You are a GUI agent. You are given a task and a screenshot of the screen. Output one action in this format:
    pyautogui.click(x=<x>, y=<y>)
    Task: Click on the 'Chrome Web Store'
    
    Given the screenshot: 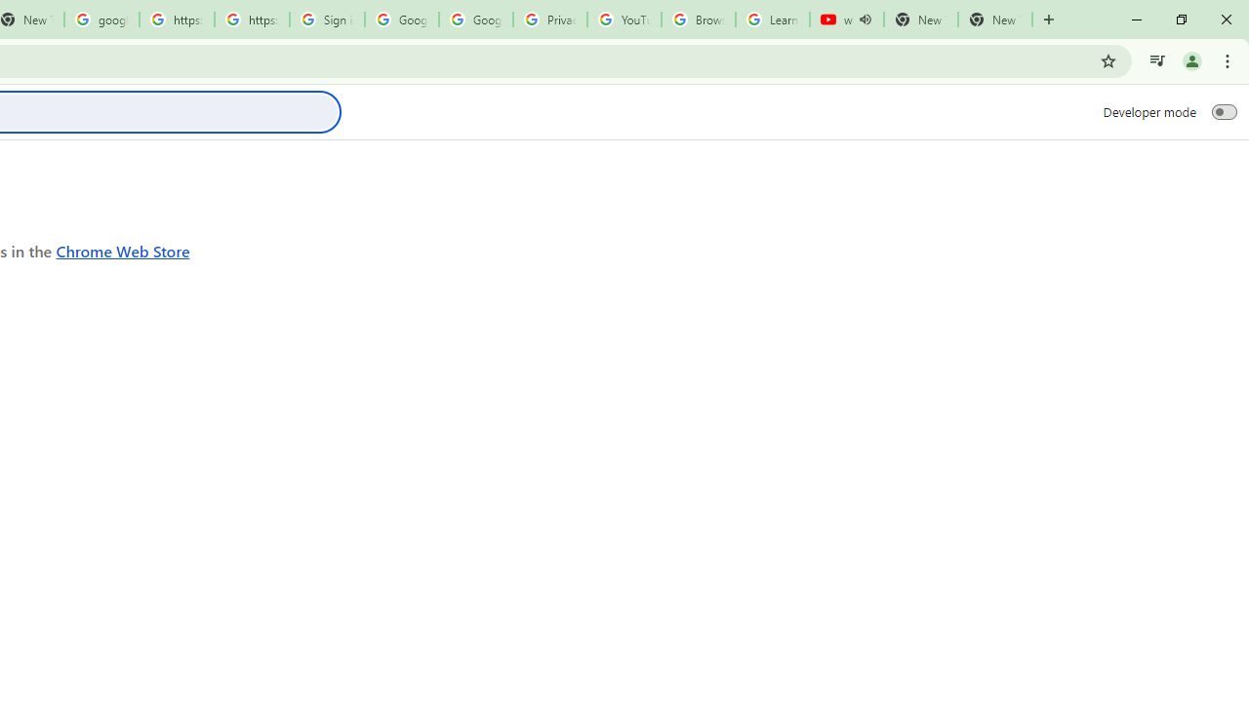 What is the action you would take?
    pyautogui.click(x=122, y=250)
    